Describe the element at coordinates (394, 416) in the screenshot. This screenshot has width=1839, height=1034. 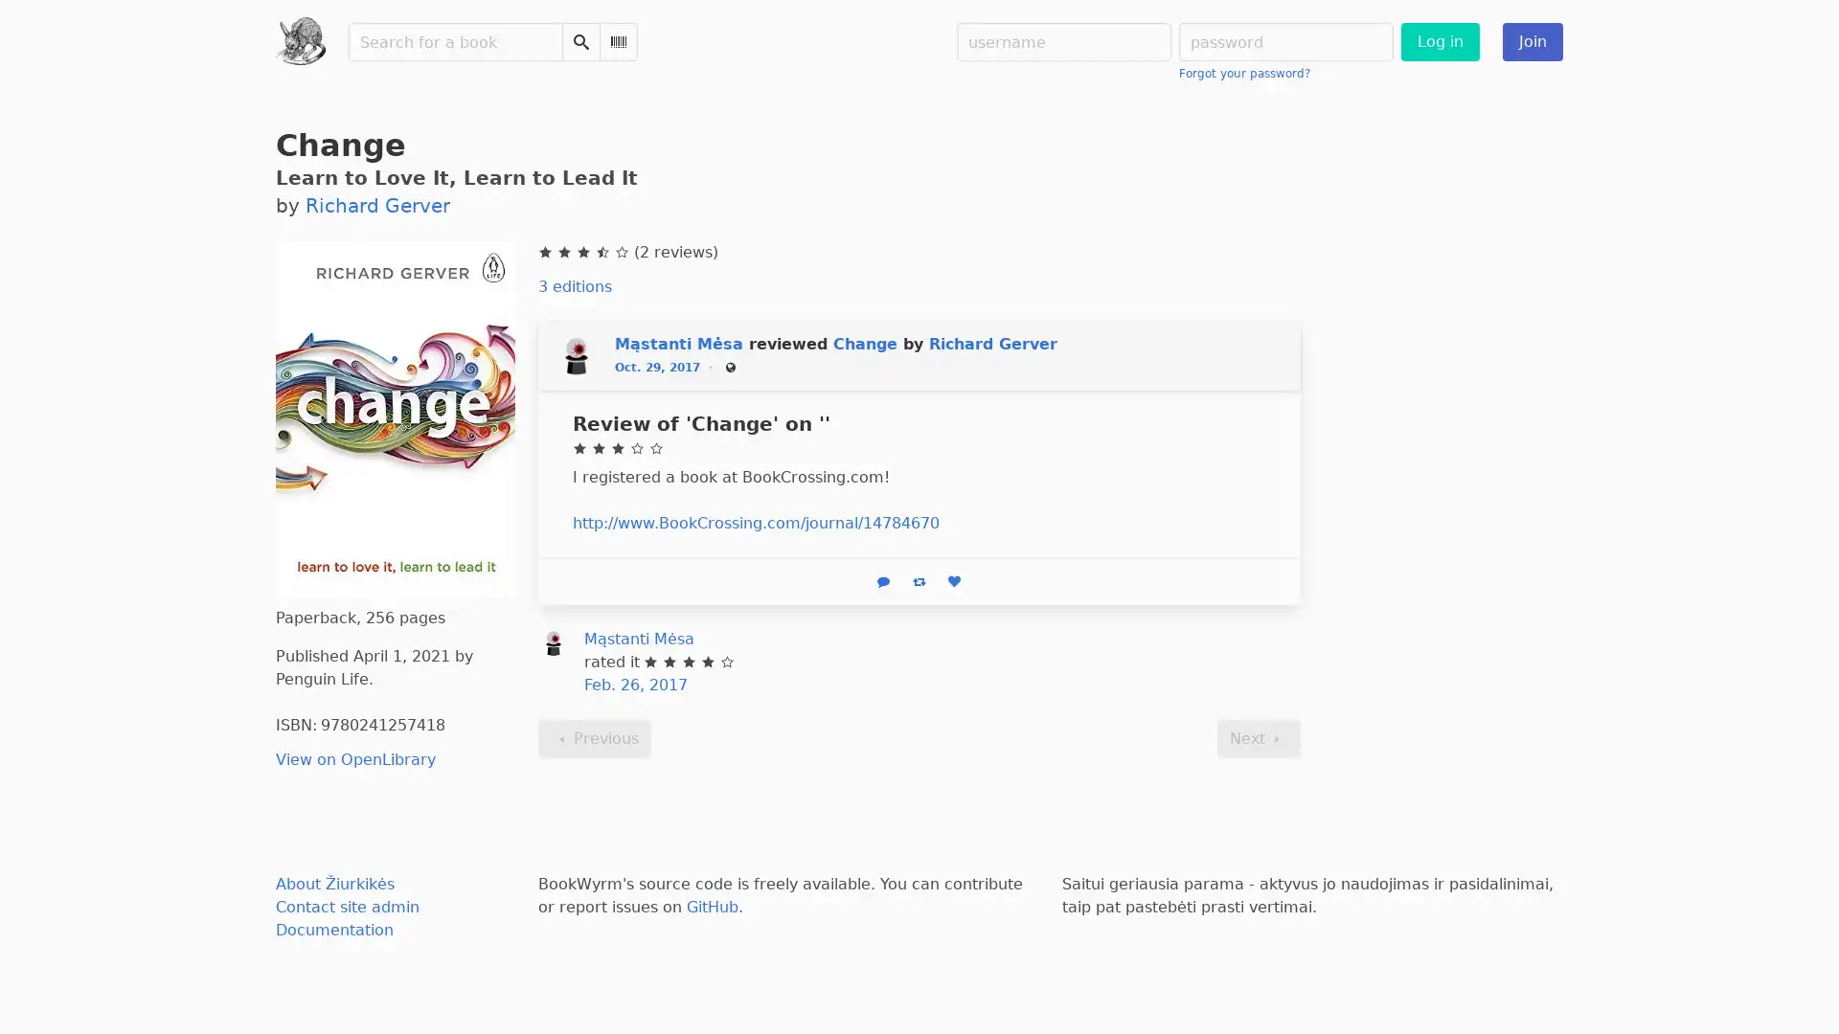
I see `Change (Paperback, 2021, Penguin Life) Click to enlarge` at that location.